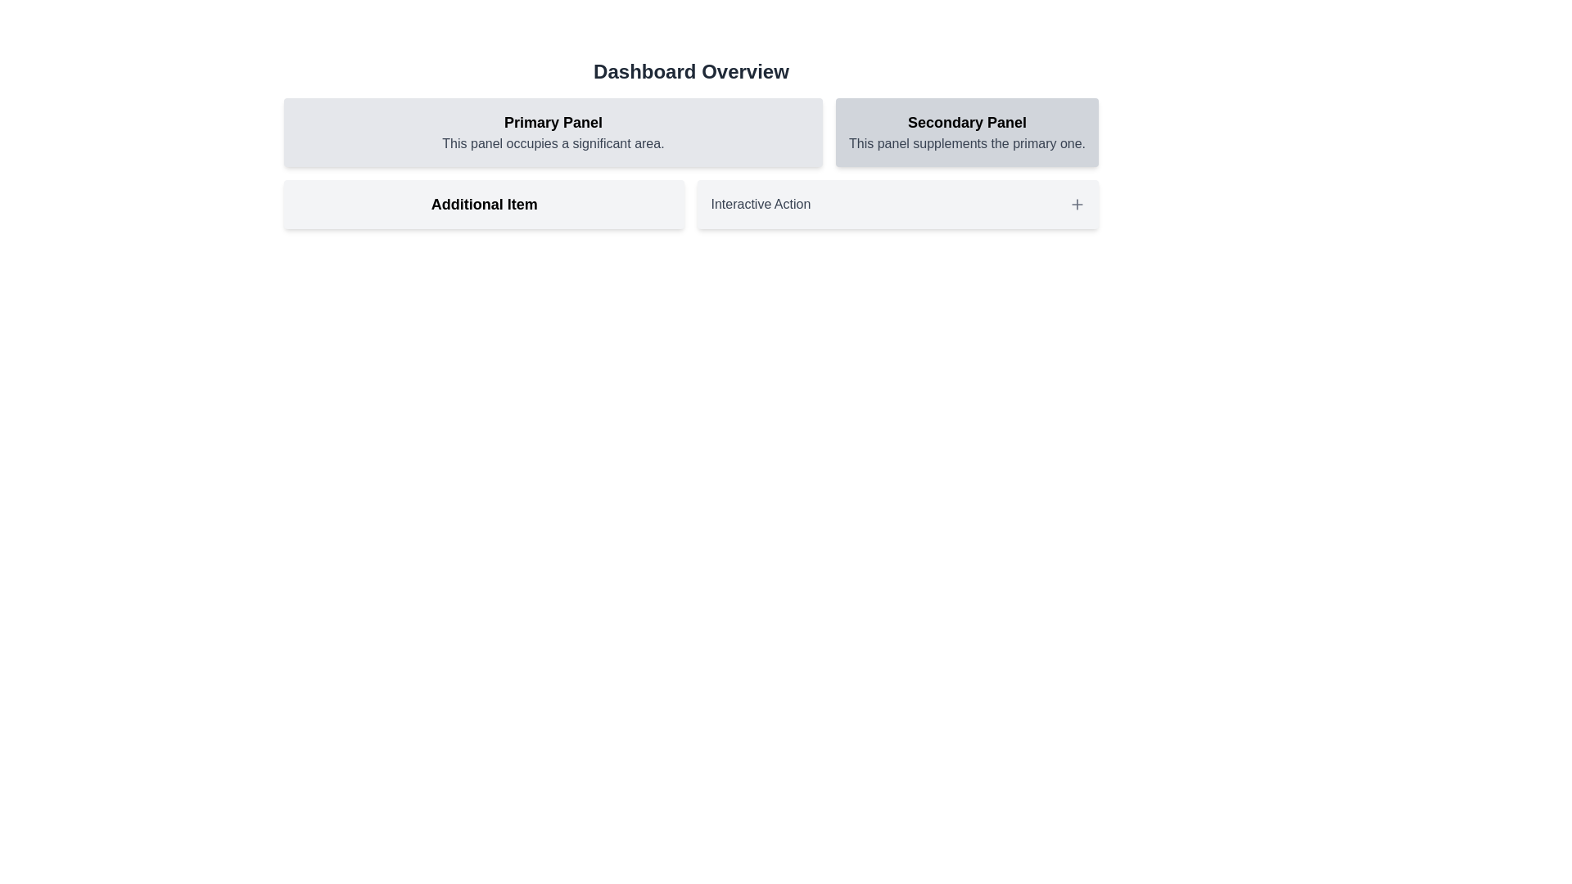 Image resolution: width=1572 pixels, height=884 pixels. Describe the element at coordinates (483, 204) in the screenshot. I see `the text label styled in bold font with the content 'Additional Item', located at the top center of the left panel labeled 'Primary Panel'` at that location.